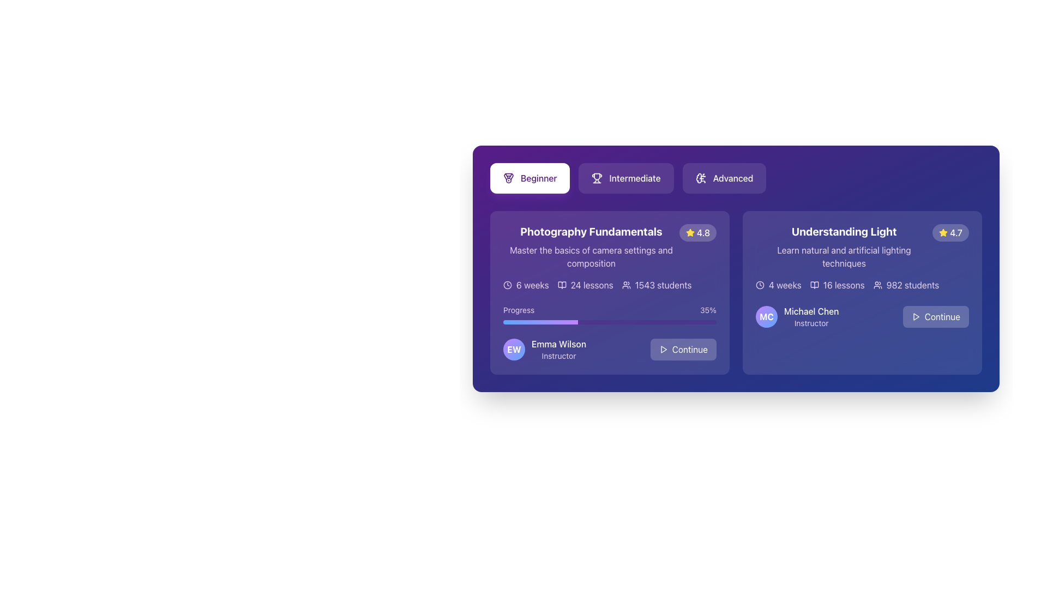 Image resolution: width=1047 pixels, height=589 pixels. Describe the element at coordinates (609, 315) in the screenshot. I see `the Progress bar labeled 'Progress' with a value of '35%' located in the 'Photography Fundamentals' card` at that location.